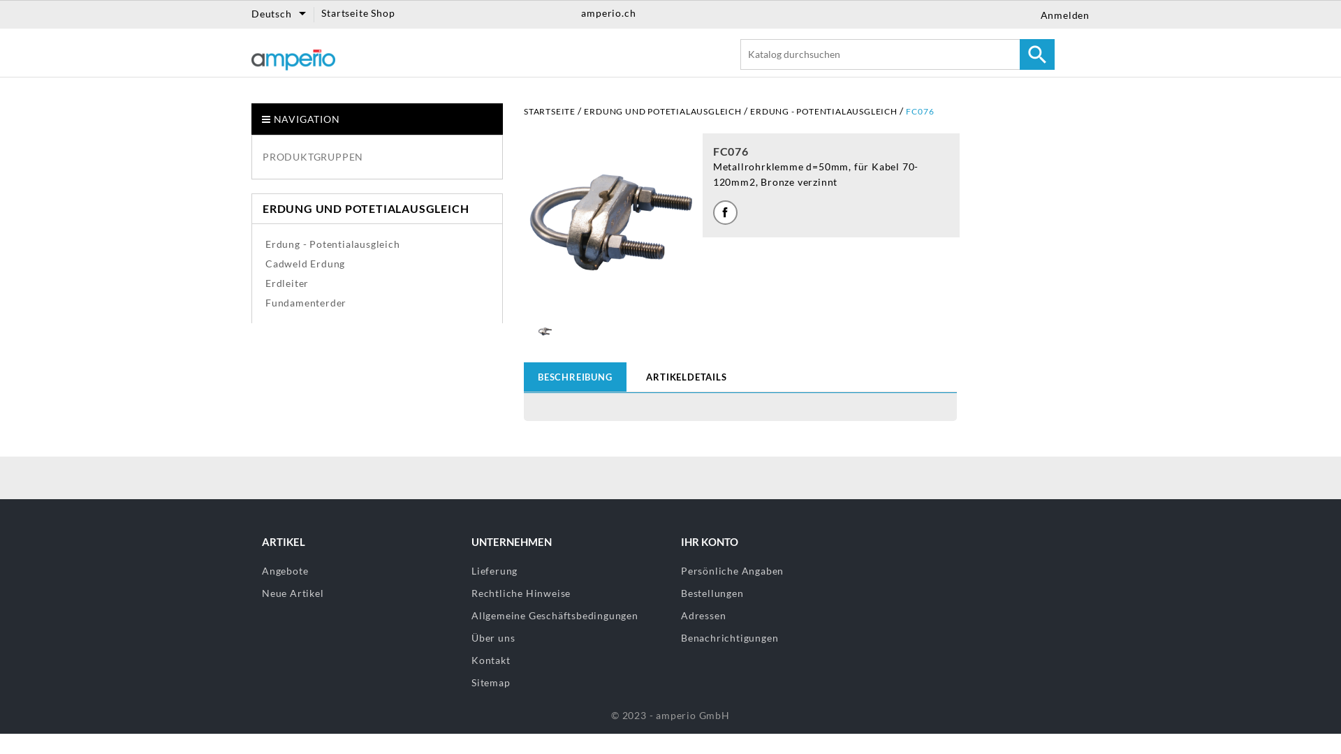 The width and height of the screenshot is (1341, 754). I want to click on 'BESCHREIBUNG', so click(575, 377).